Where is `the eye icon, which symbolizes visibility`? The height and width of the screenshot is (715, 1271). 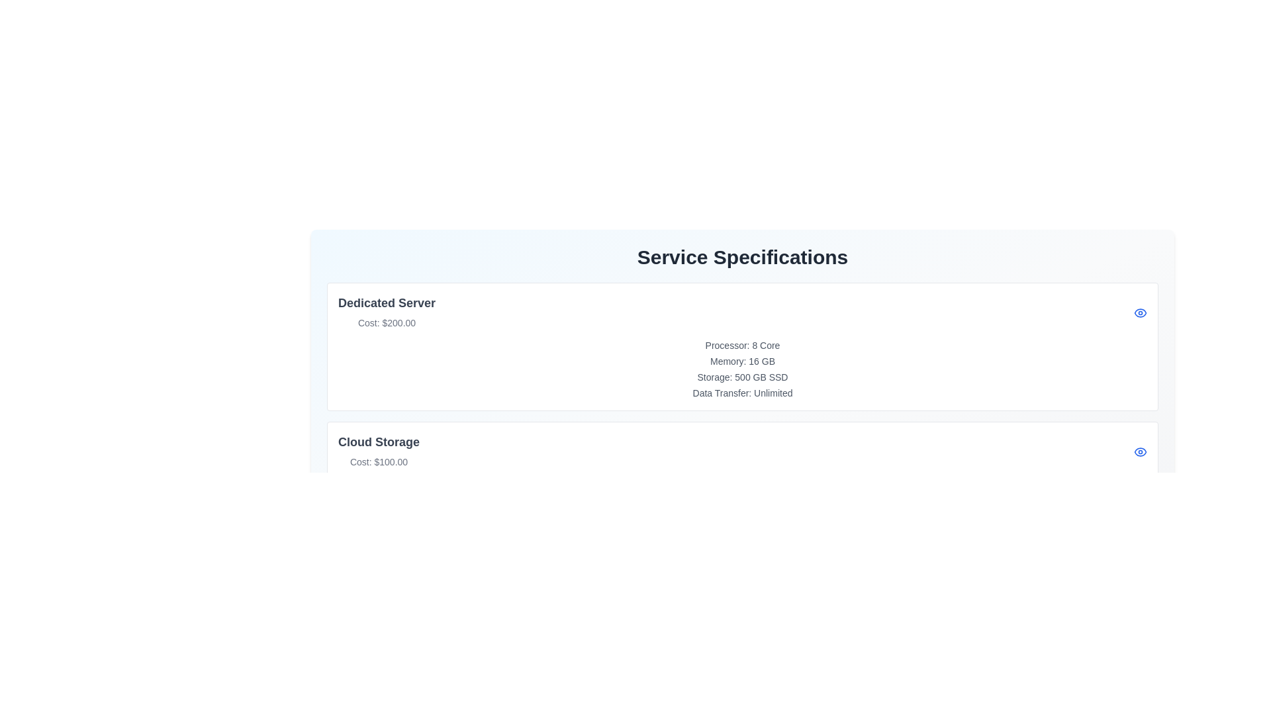 the eye icon, which symbolizes visibility is located at coordinates (1140, 451).